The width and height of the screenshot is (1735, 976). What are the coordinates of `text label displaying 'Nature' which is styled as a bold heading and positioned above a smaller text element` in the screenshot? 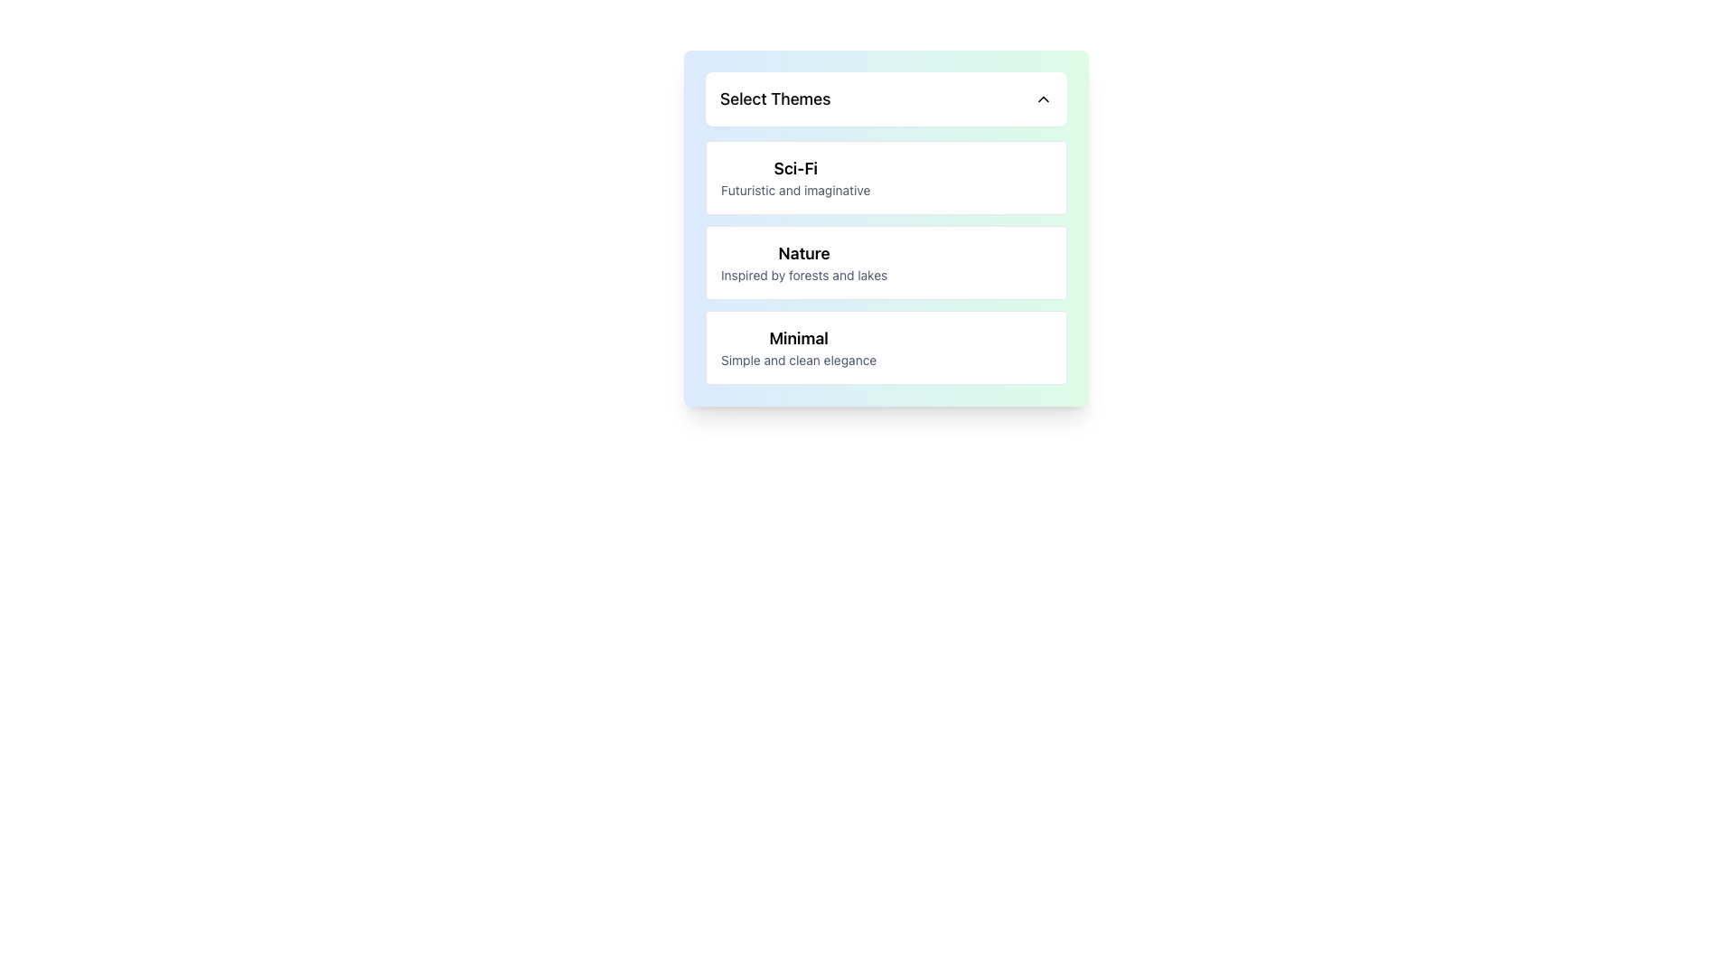 It's located at (803, 254).